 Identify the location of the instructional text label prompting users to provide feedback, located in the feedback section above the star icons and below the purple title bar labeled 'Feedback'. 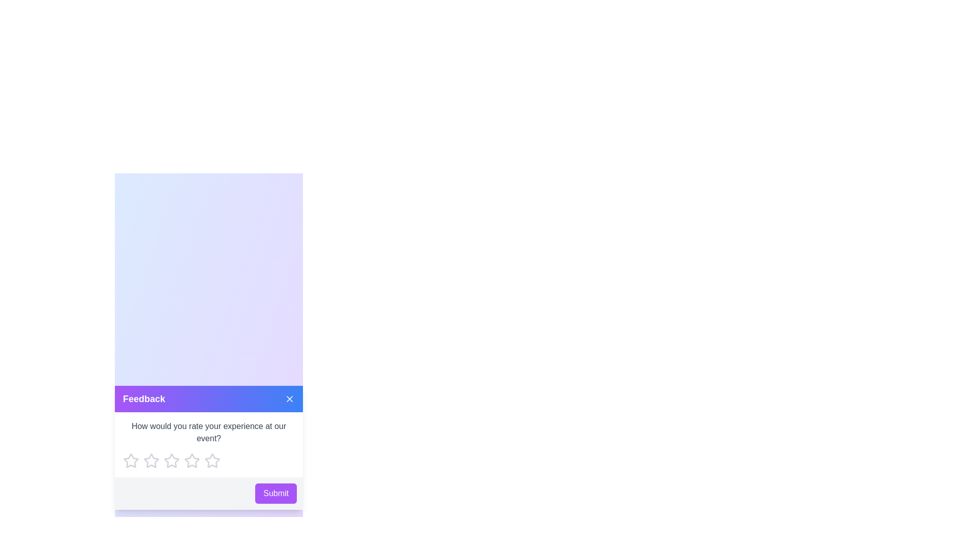
(208, 433).